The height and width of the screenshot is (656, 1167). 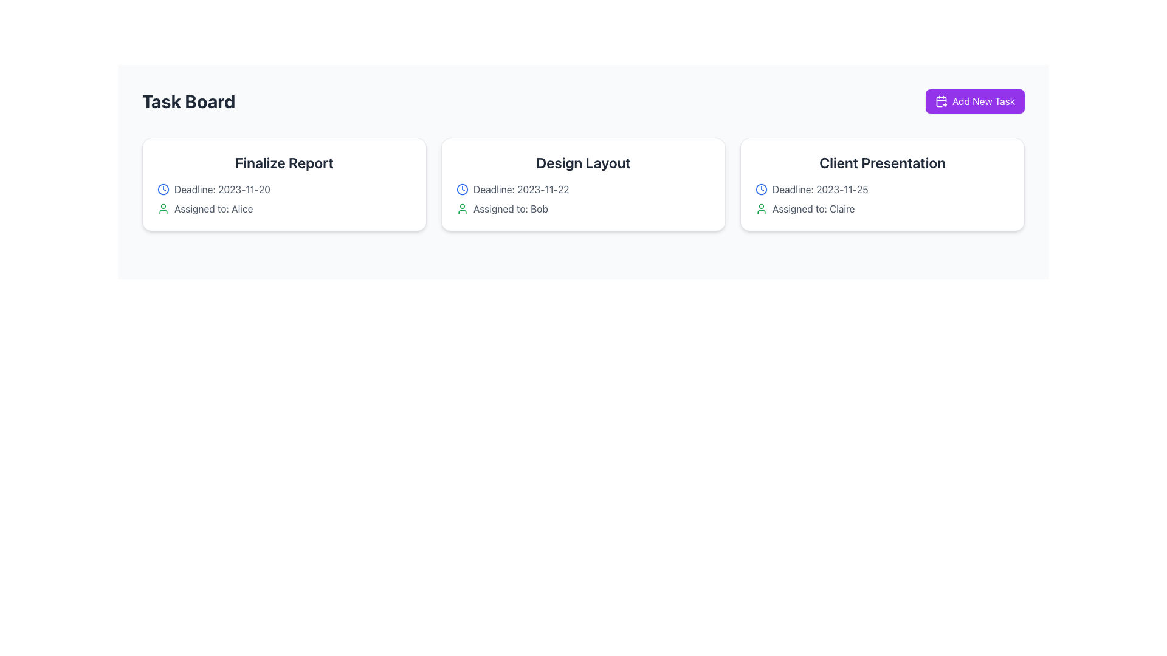 What do you see at coordinates (813, 208) in the screenshot?
I see `the static text element displaying 'Assigned to: Claire', which is styled in light gray and located within the 'Client Presentation' card, positioned below the deadline information` at bounding box center [813, 208].